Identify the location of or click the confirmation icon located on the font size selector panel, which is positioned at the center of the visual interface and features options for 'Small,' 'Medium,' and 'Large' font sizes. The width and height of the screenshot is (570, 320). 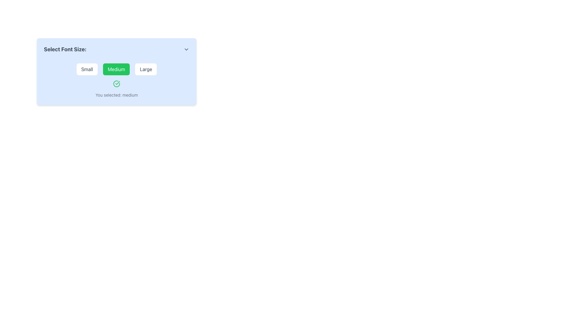
(117, 80).